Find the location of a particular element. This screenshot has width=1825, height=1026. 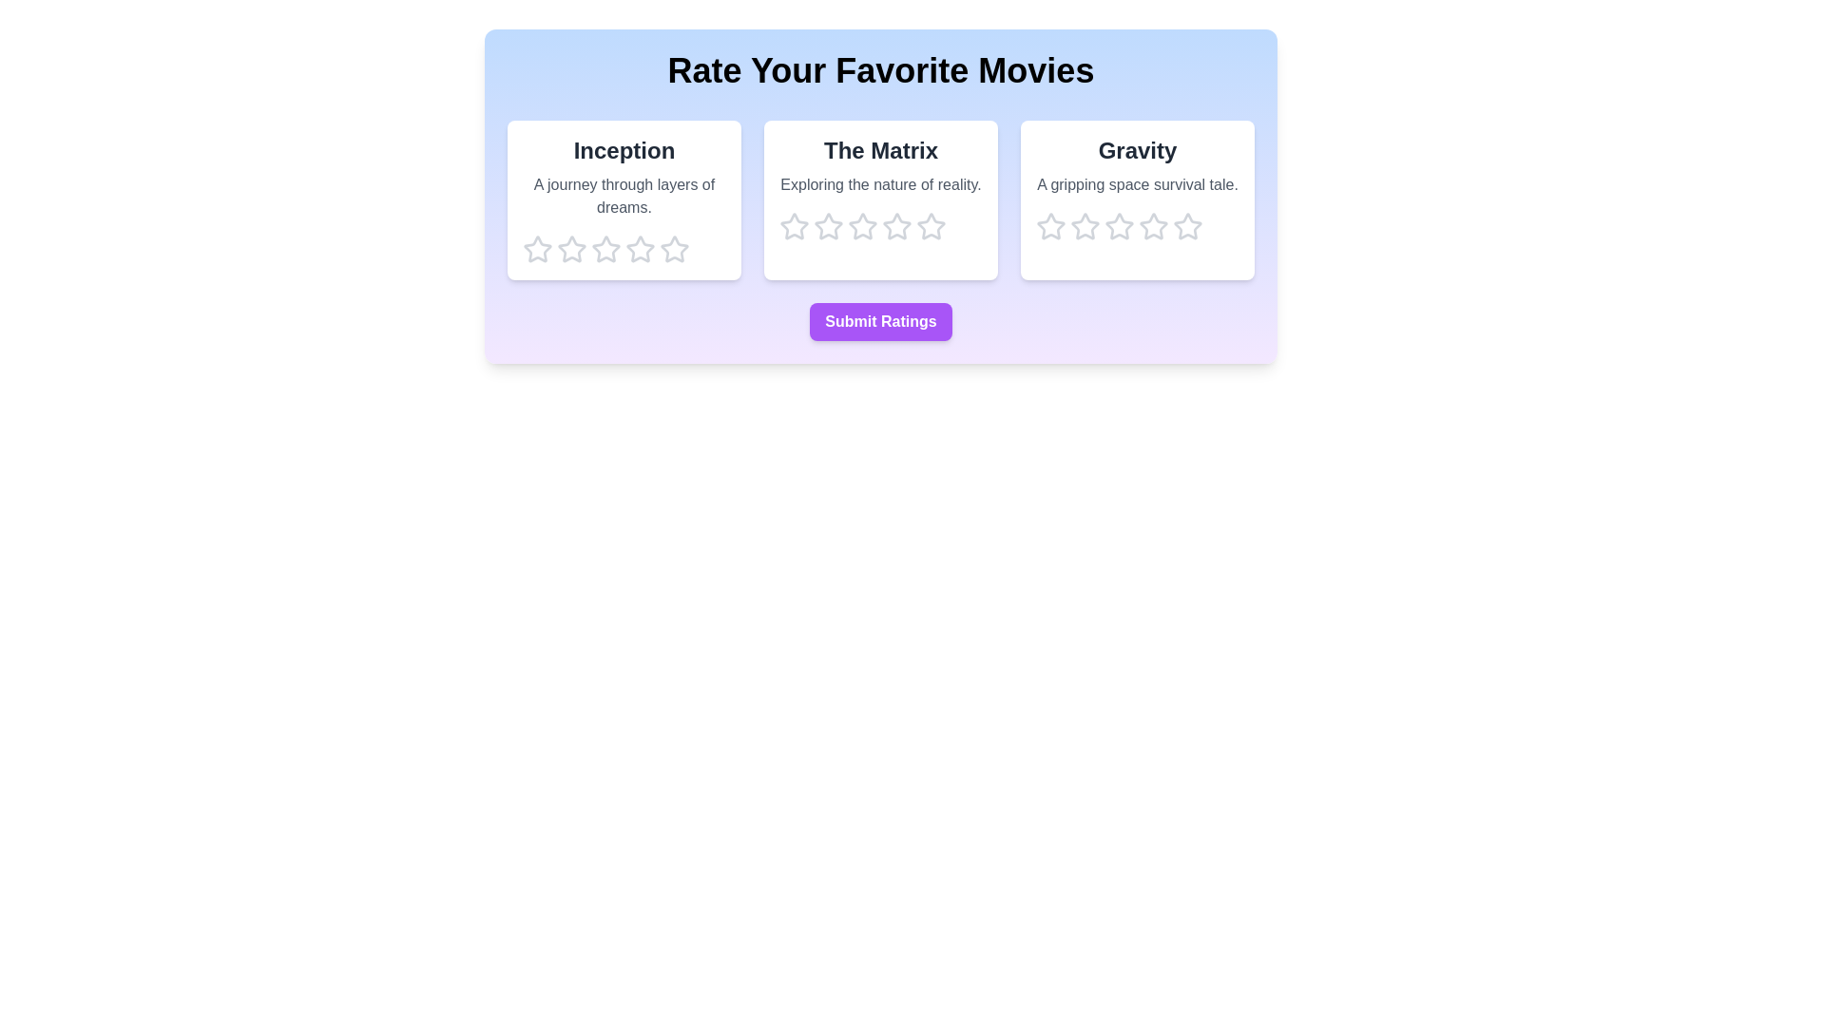

the star corresponding to 2 for the movie The Matrix is located at coordinates (829, 226).